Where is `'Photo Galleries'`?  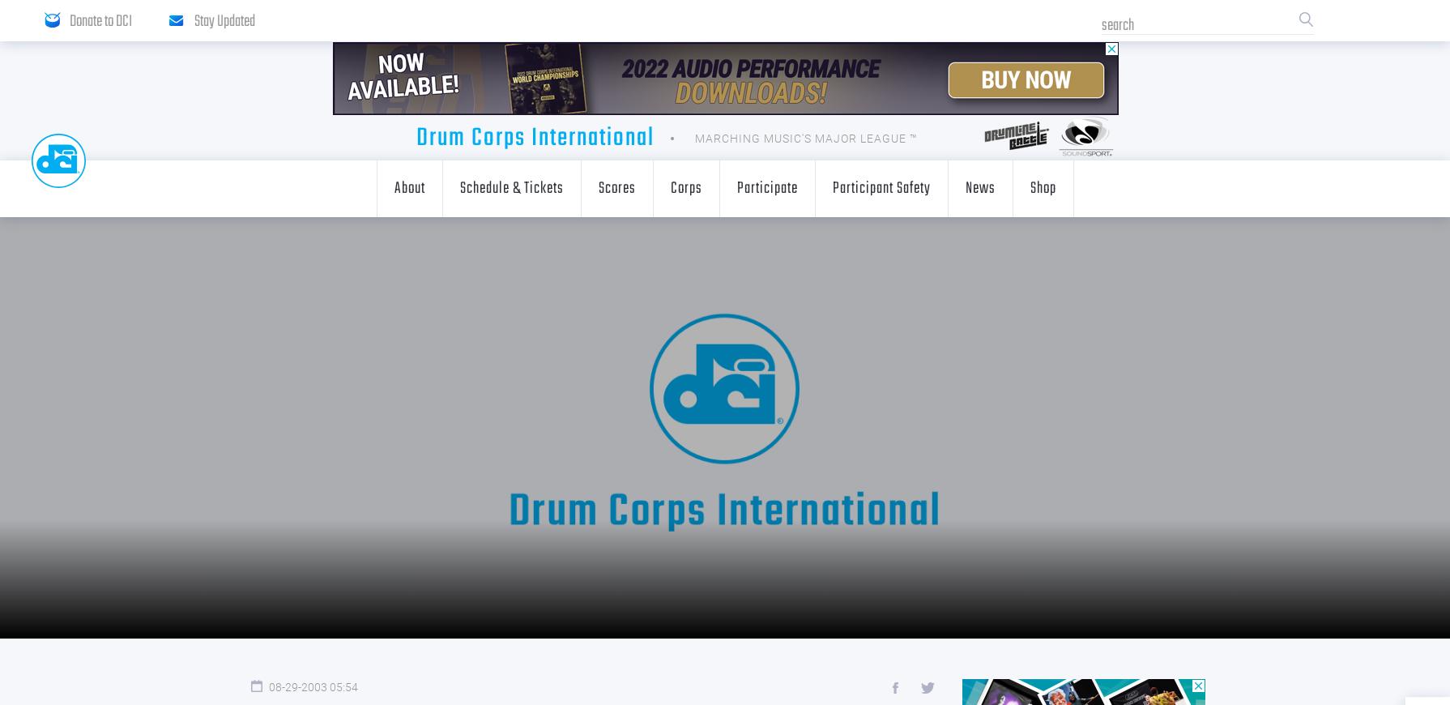
'Photo Galleries' is located at coordinates (622, 285).